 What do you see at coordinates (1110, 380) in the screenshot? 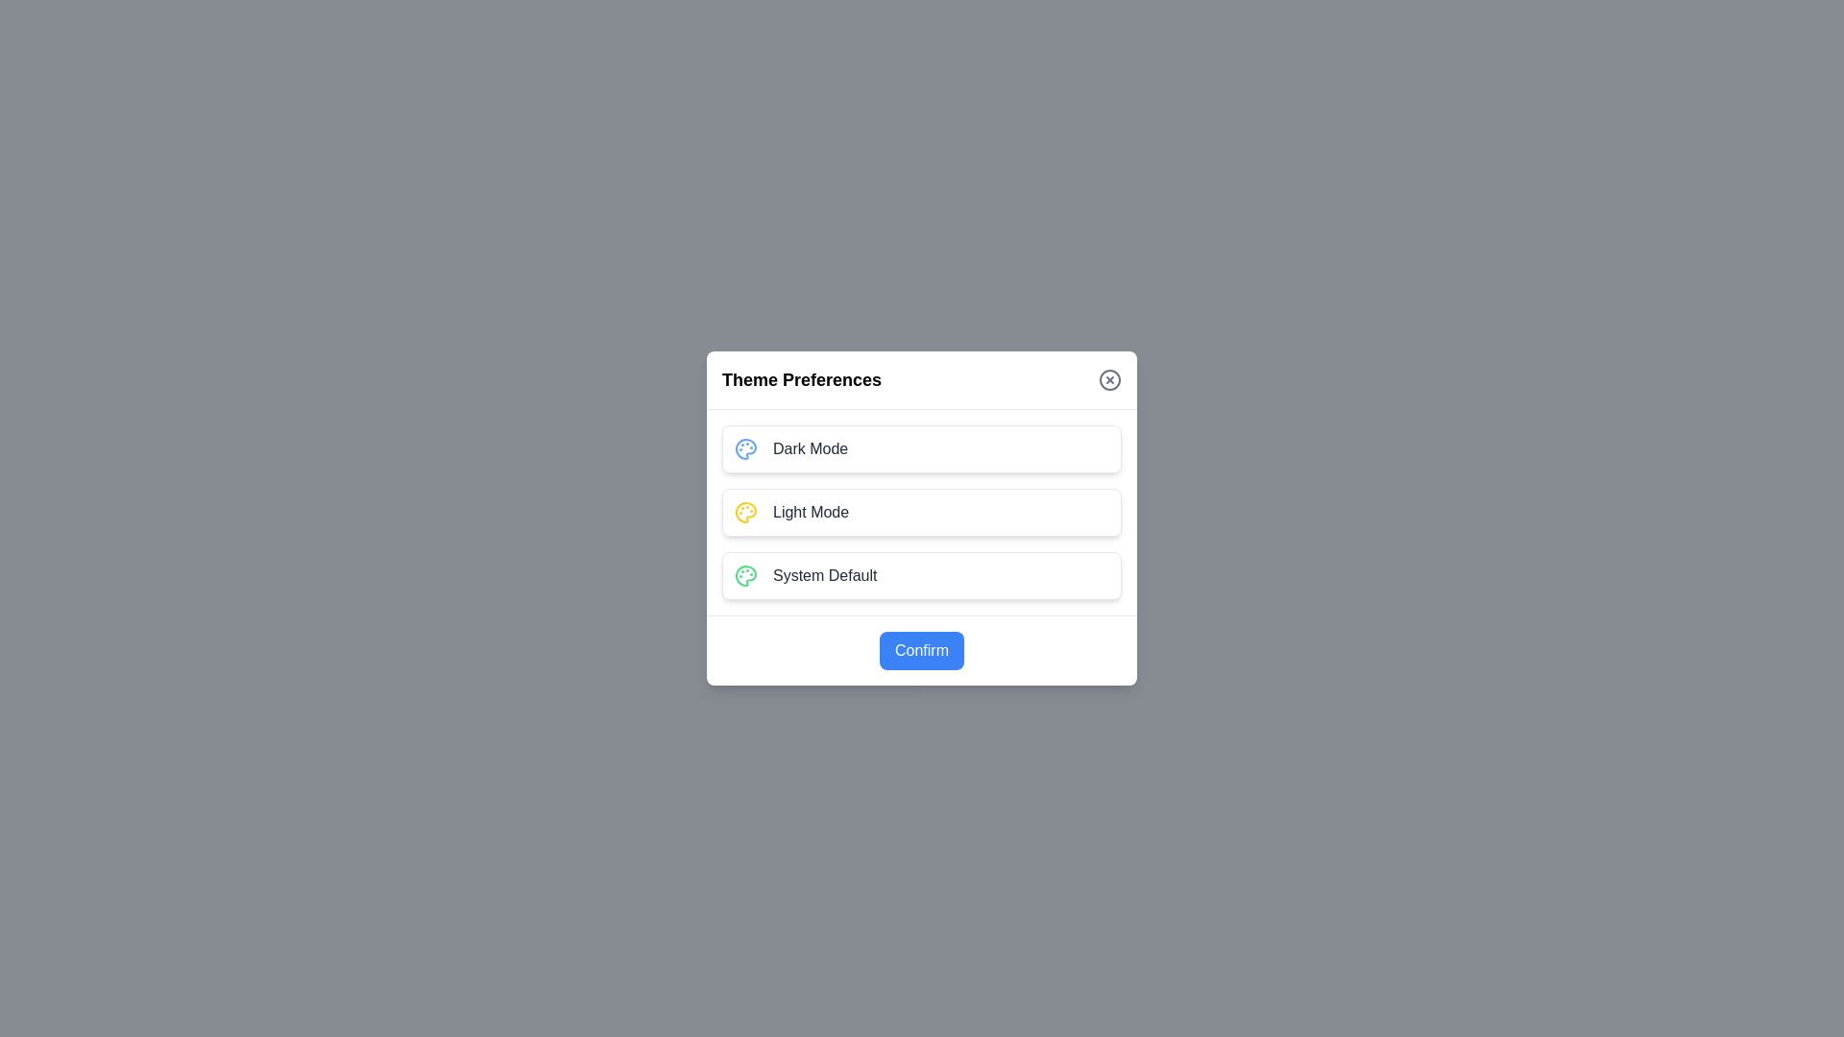
I see `close button to close the dialog` at bounding box center [1110, 380].